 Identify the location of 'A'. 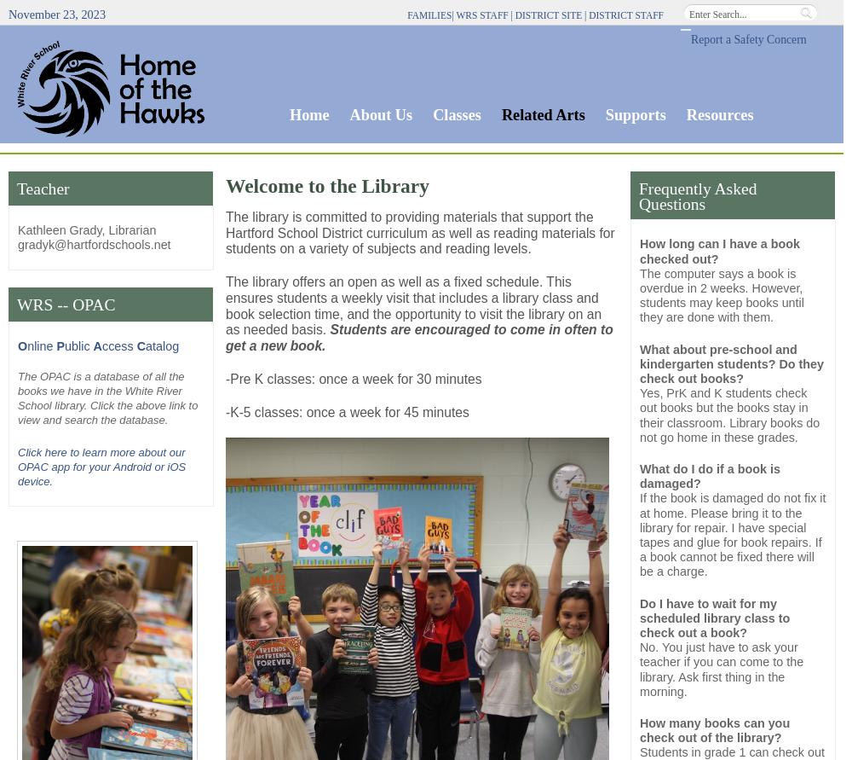
(96, 346).